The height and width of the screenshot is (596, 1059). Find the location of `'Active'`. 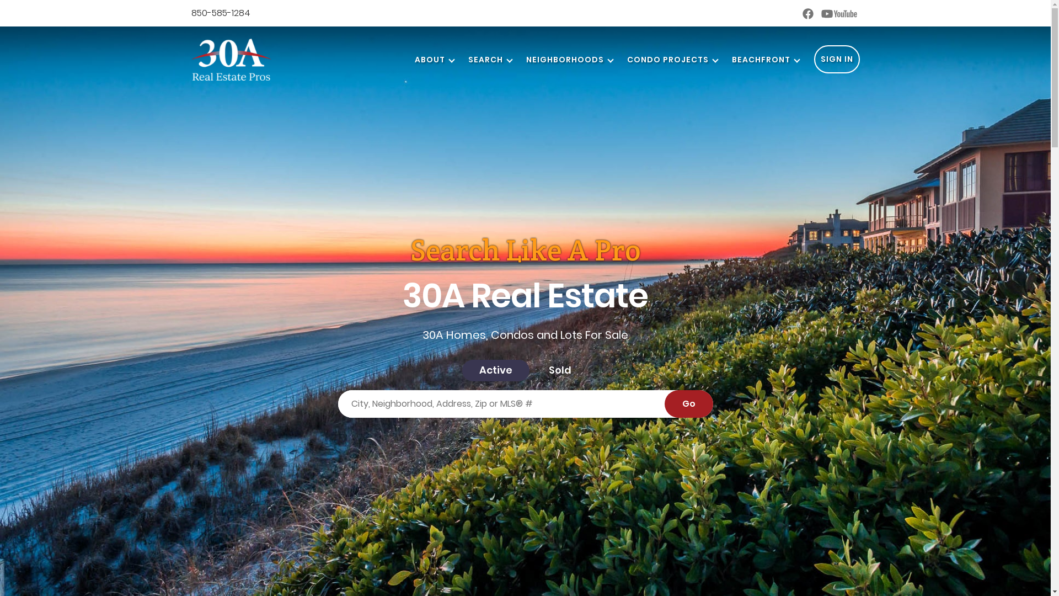

'Active' is located at coordinates (462, 370).